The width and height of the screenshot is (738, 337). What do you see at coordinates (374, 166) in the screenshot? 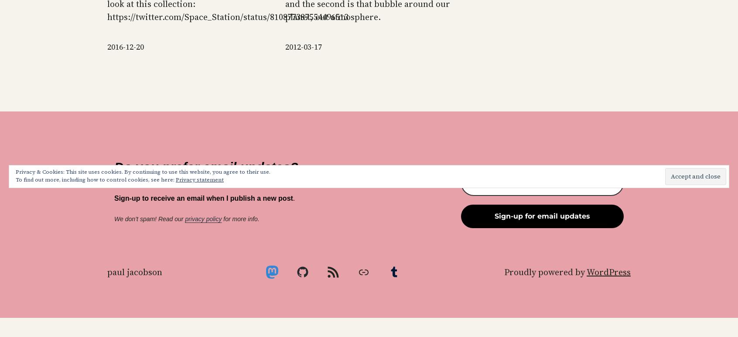
I see `'Search powered by Jetpack'` at bounding box center [374, 166].